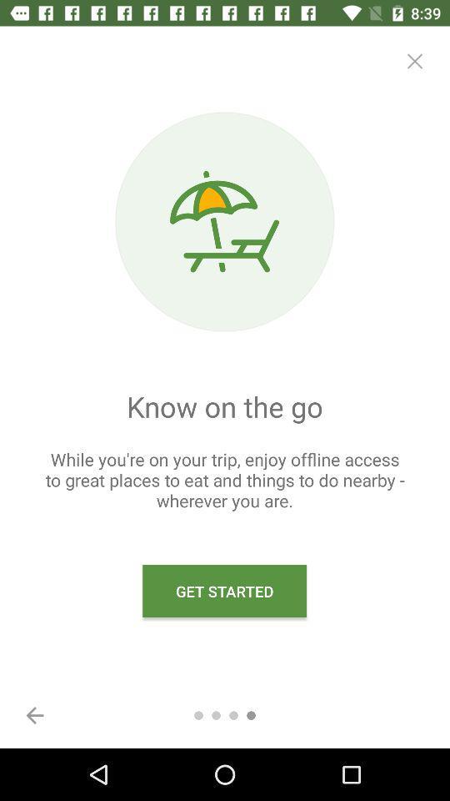 The image size is (450, 801). What do you see at coordinates (413, 61) in the screenshot?
I see `the close icon` at bounding box center [413, 61].